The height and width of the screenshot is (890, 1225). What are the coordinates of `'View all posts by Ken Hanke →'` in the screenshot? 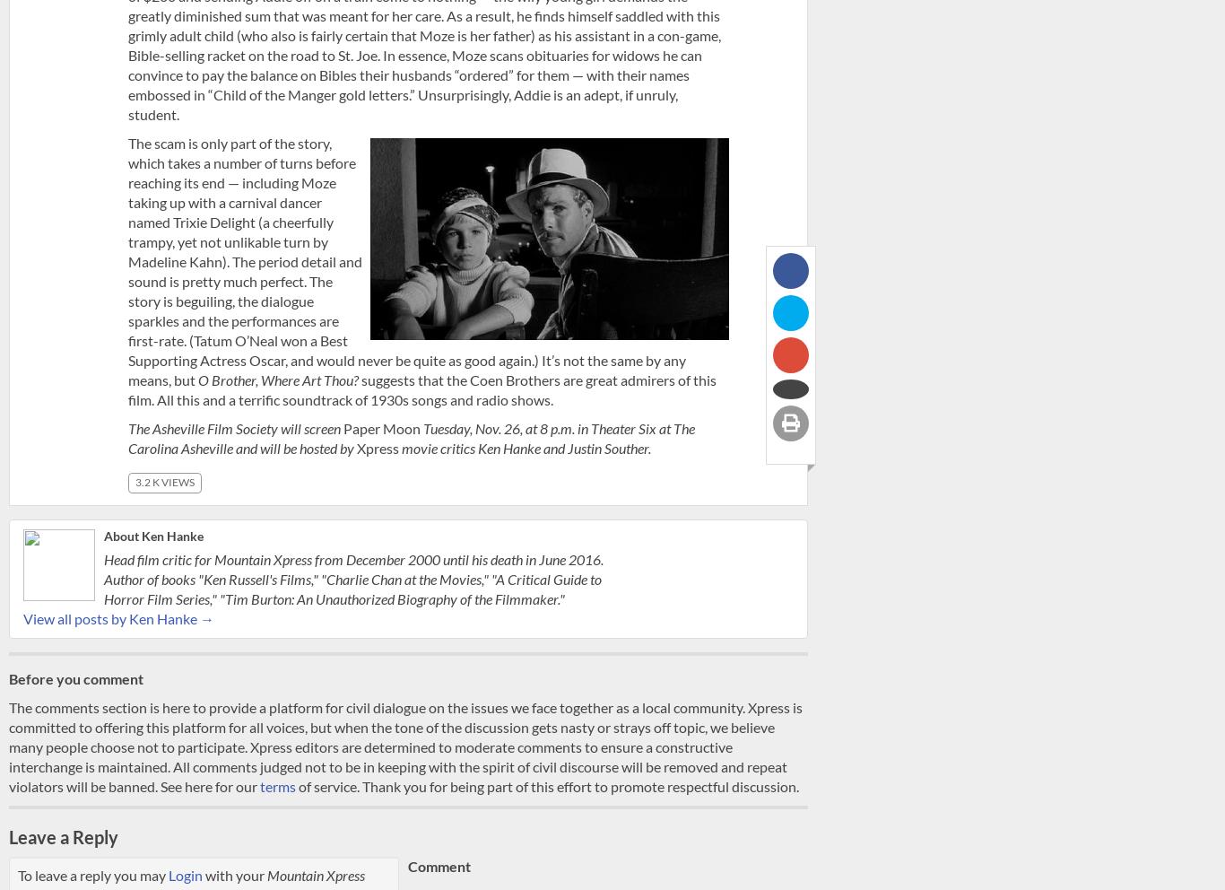 It's located at (117, 616).